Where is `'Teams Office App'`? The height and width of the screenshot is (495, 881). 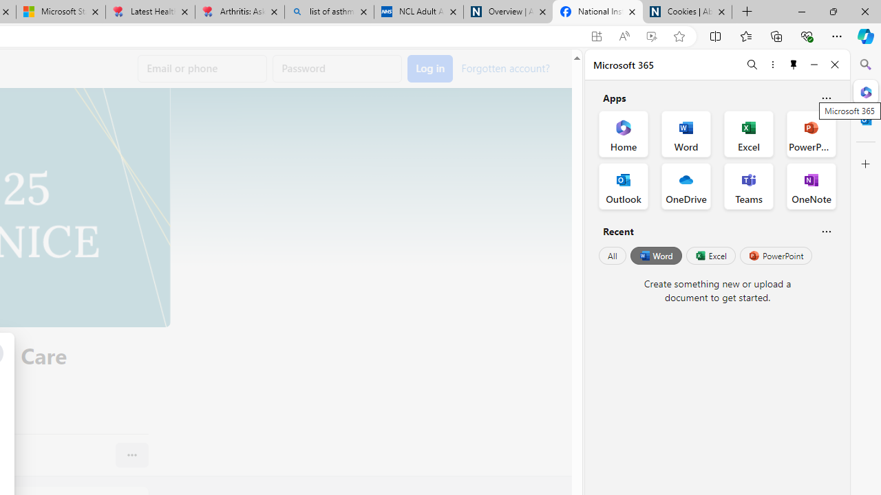
'Teams Office App' is located at coordinates (748, 186).